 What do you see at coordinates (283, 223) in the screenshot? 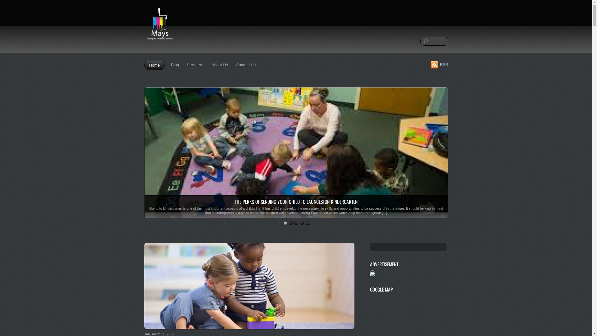
I see `'1'` at bounding box center [283, 223].